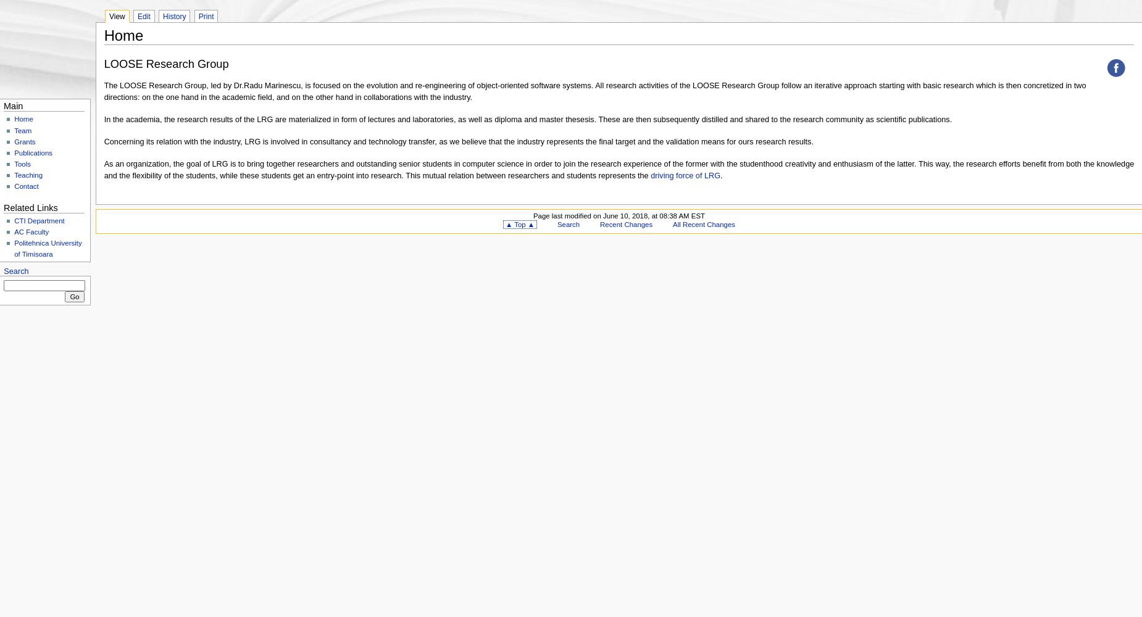 This screenshot has width=1142, height=617. What do you see at coordinates (13, 130) in the screenshot?
I see `'Team'` at bounding box center [13, 130].